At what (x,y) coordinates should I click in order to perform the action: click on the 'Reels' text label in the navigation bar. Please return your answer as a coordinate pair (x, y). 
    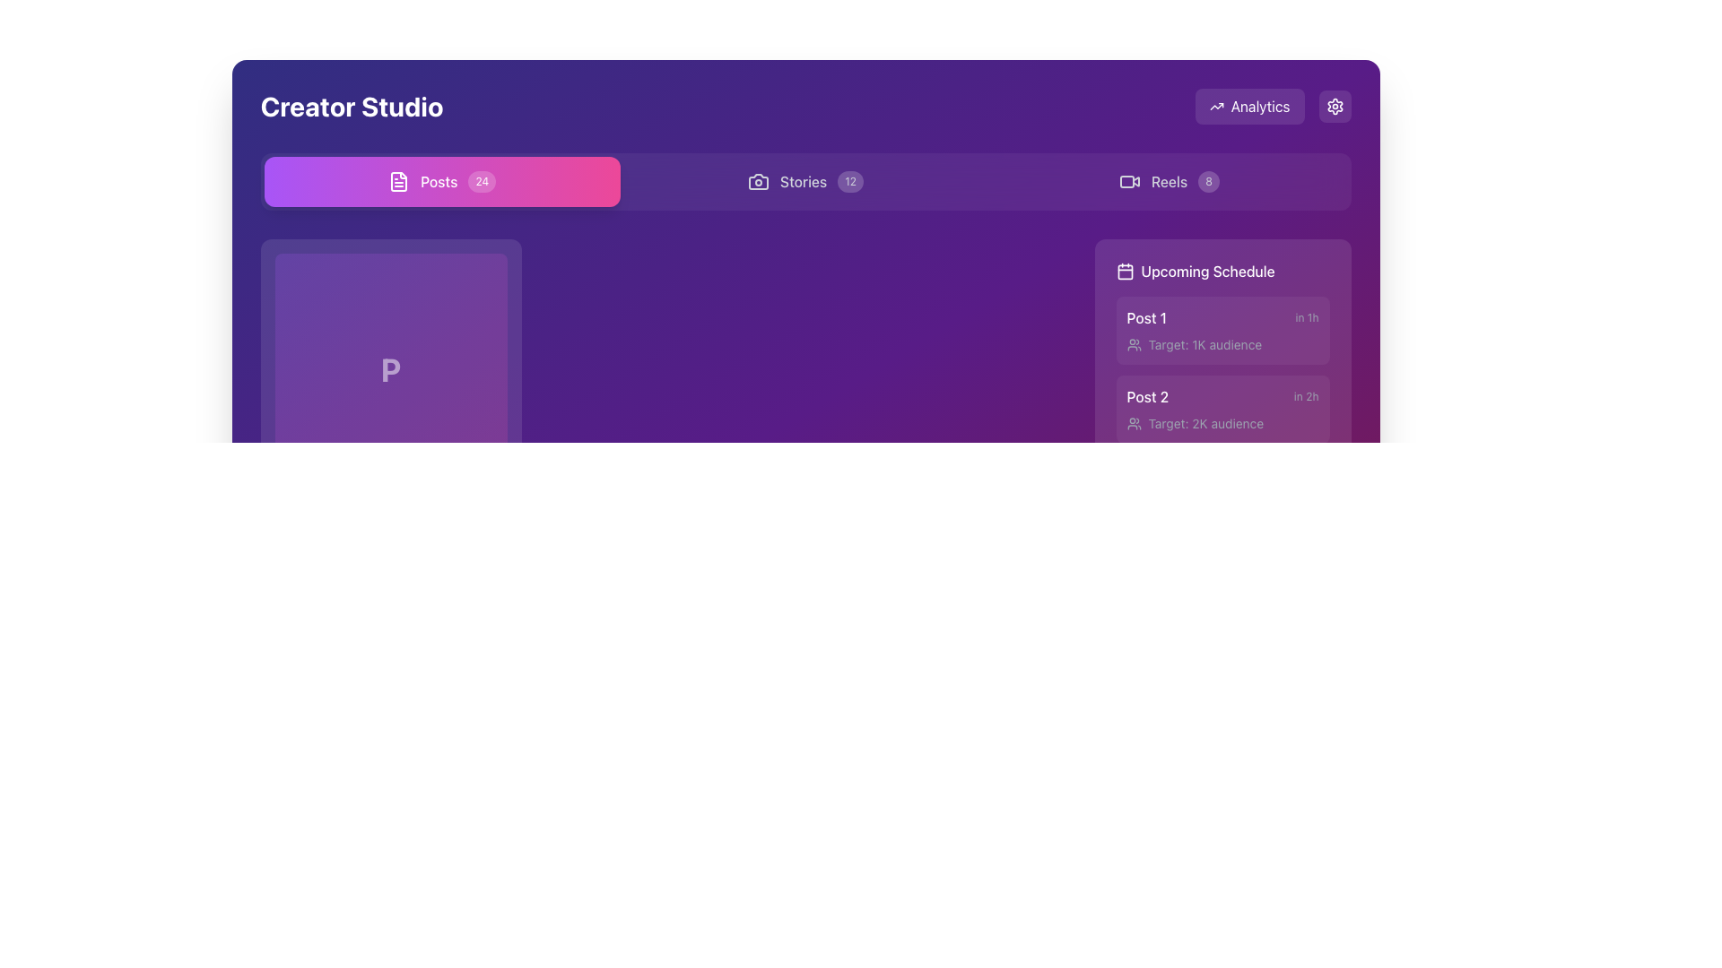
    Looking at the image, I should click on (1170, 182).